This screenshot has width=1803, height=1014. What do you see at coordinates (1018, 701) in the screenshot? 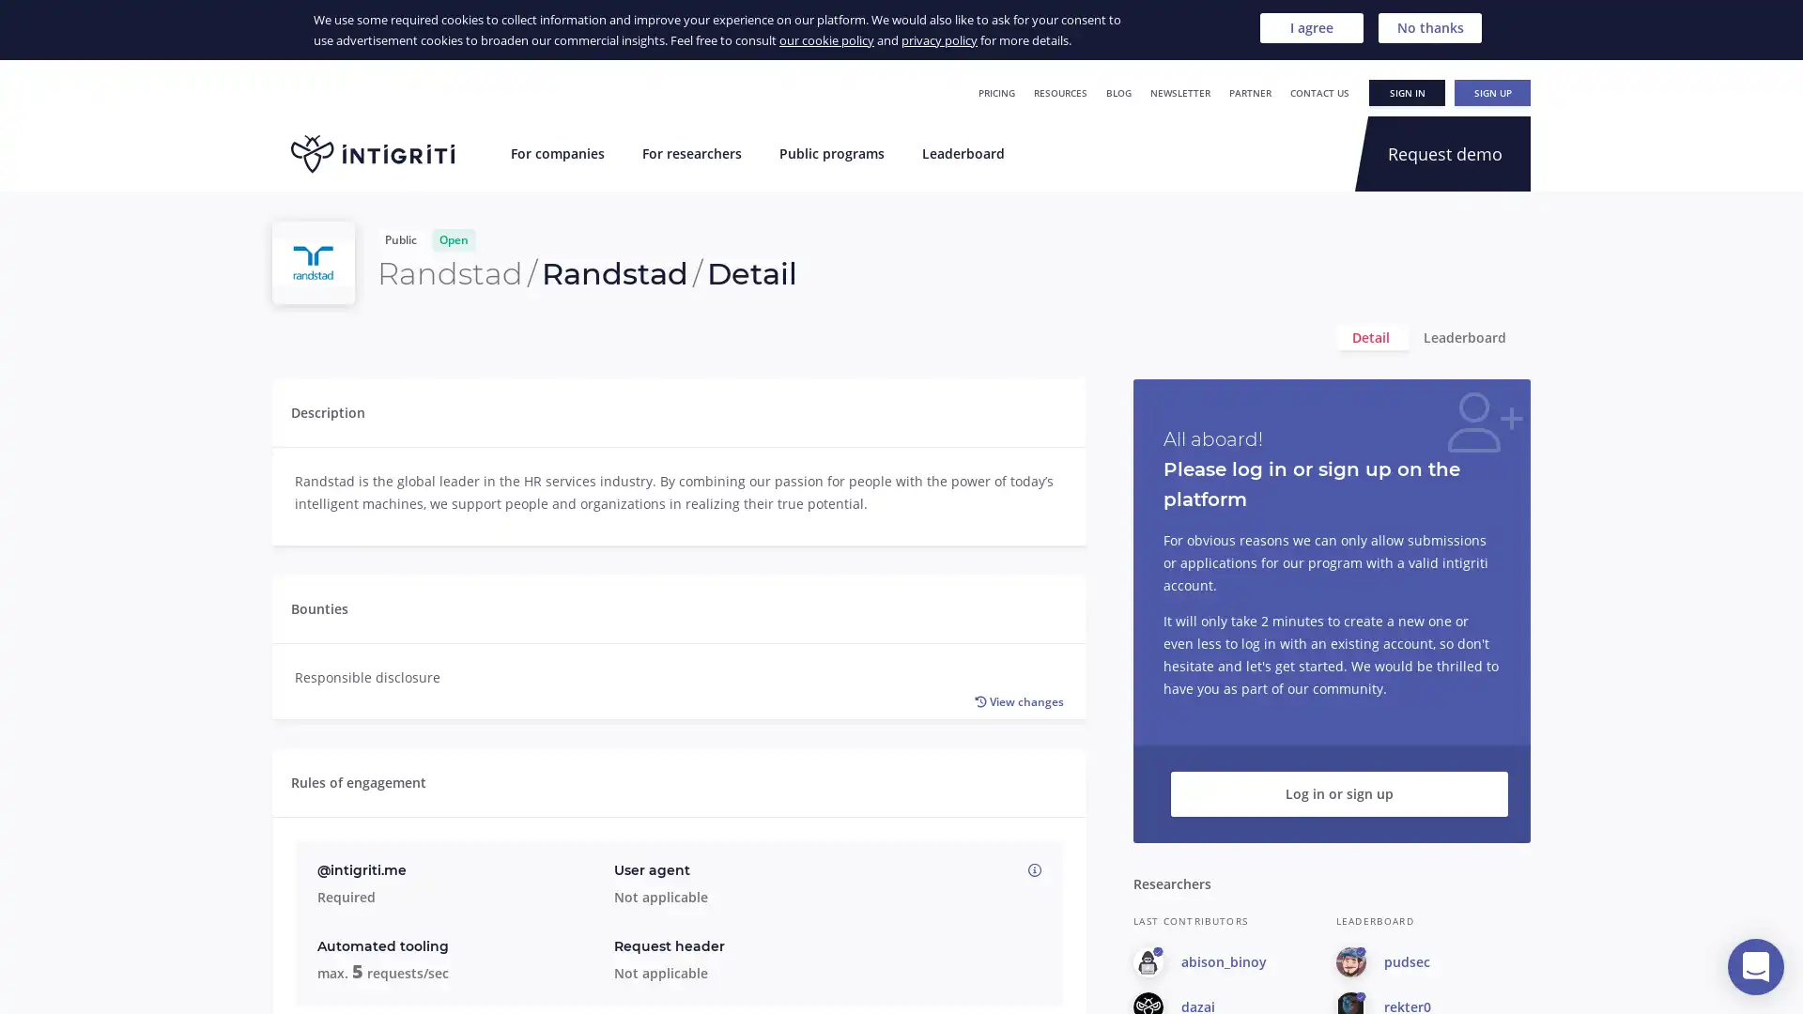
I see `View changes` at bounding box center [1018, 701].